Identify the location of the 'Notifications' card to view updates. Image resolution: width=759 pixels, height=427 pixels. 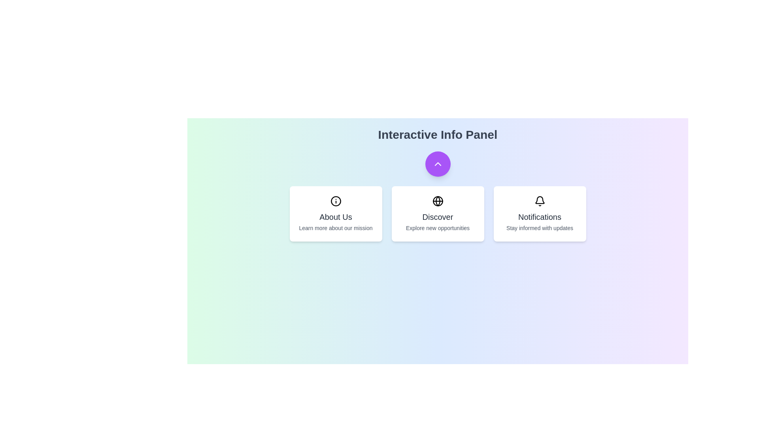
(539, 213).